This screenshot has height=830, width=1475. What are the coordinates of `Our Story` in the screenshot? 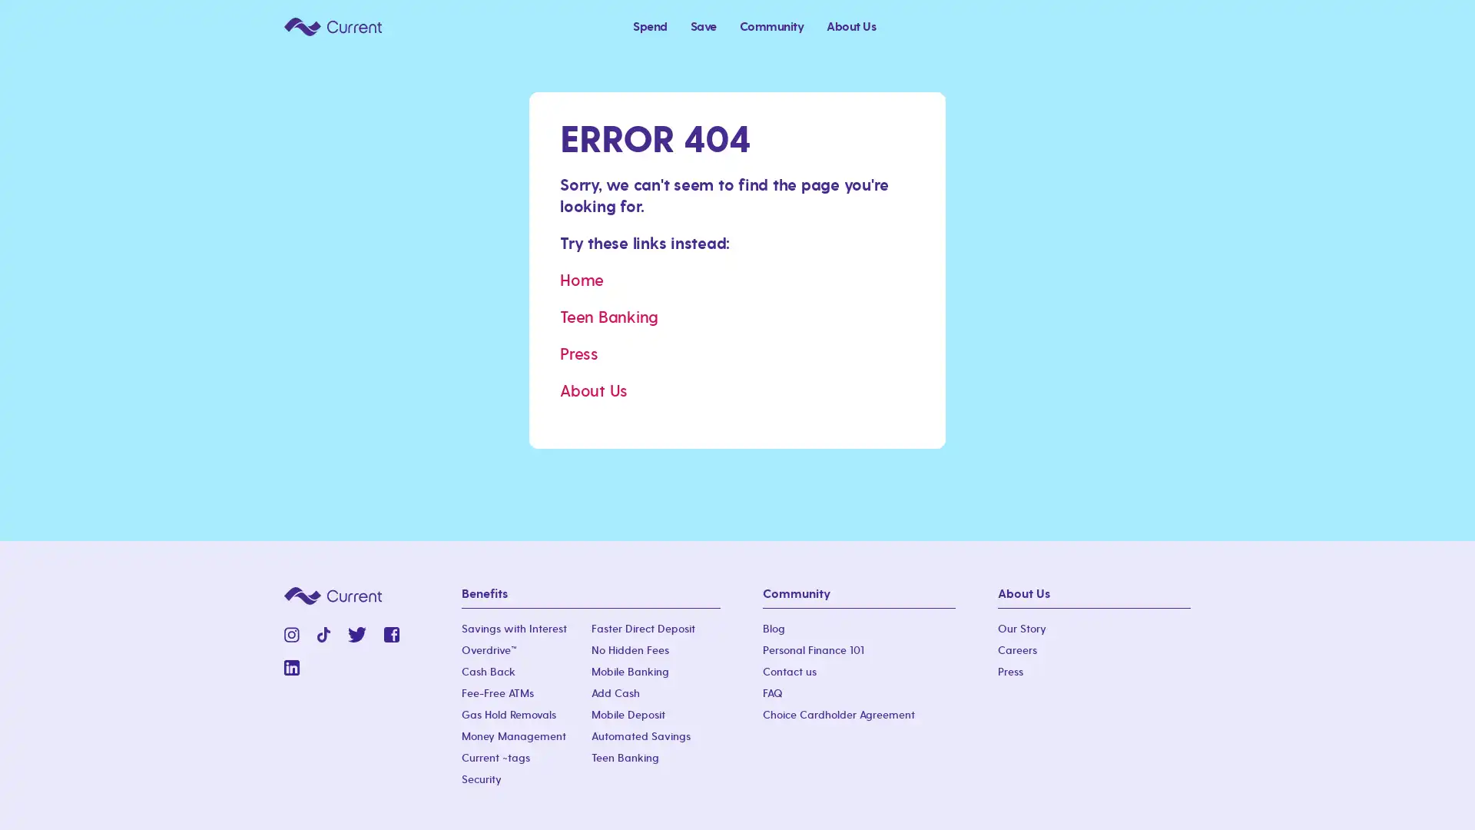 It's located at (1022, 629).